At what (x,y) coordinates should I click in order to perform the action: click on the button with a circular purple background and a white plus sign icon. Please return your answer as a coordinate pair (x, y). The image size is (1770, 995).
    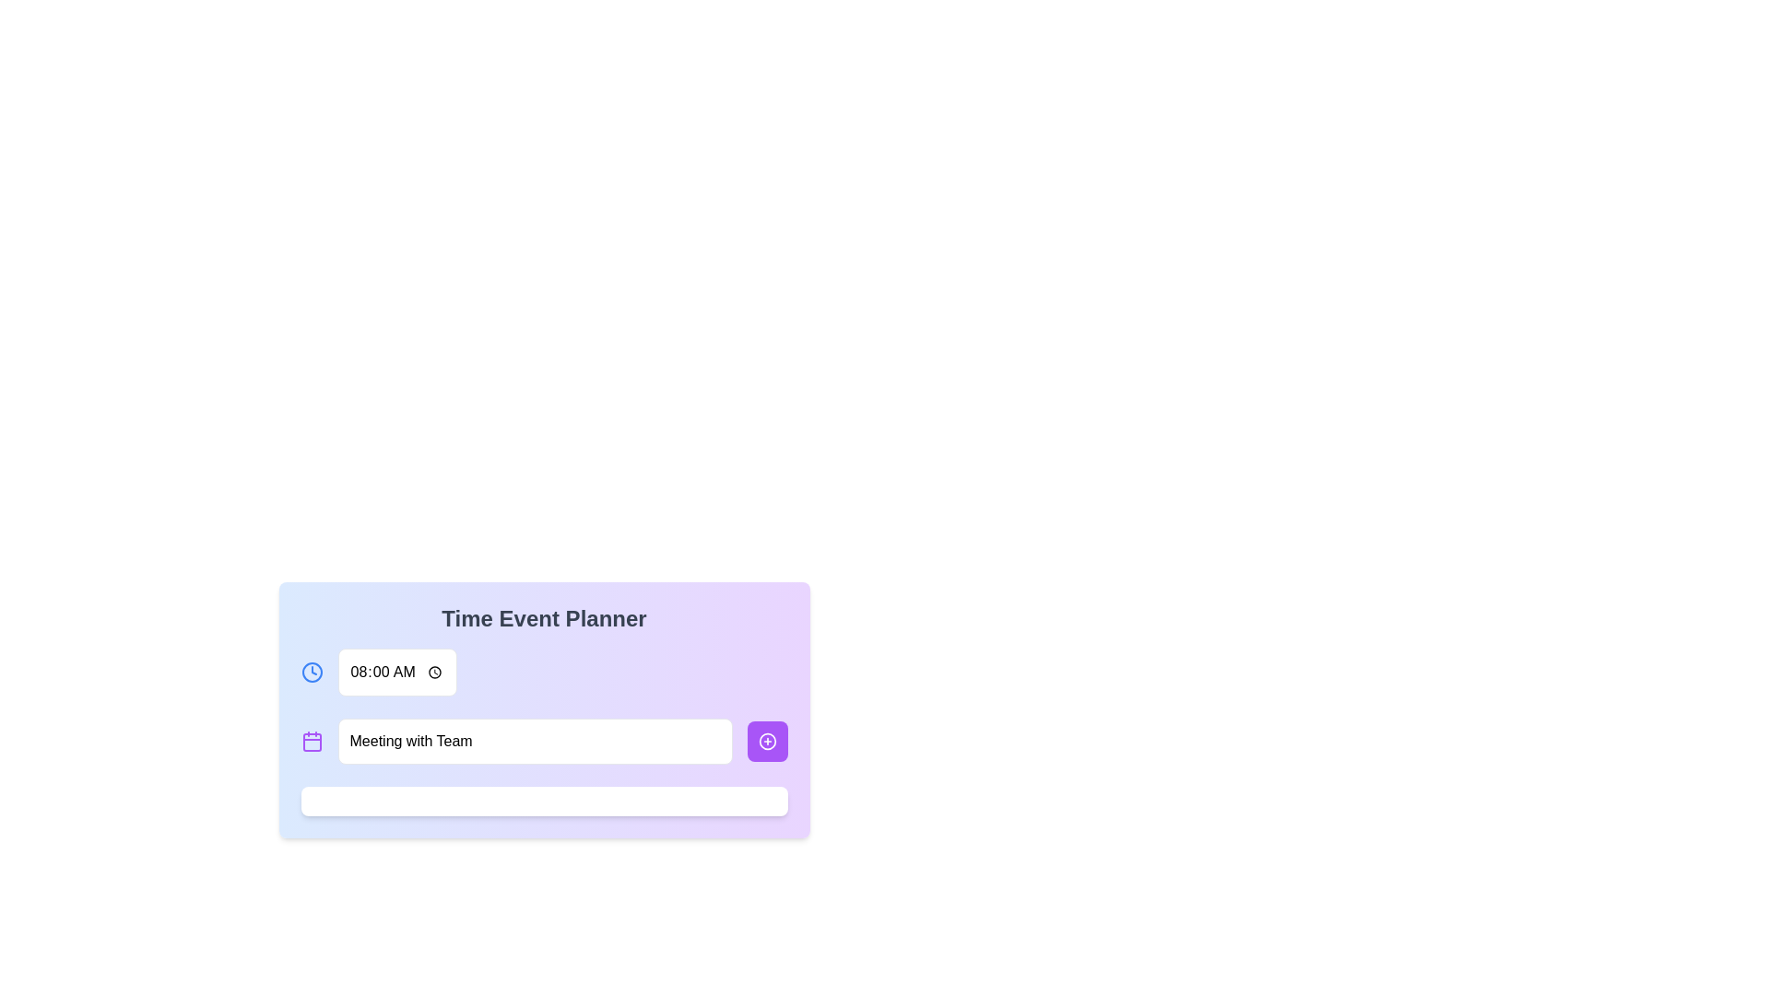
    Looking at the image, I should click on (767, 741).